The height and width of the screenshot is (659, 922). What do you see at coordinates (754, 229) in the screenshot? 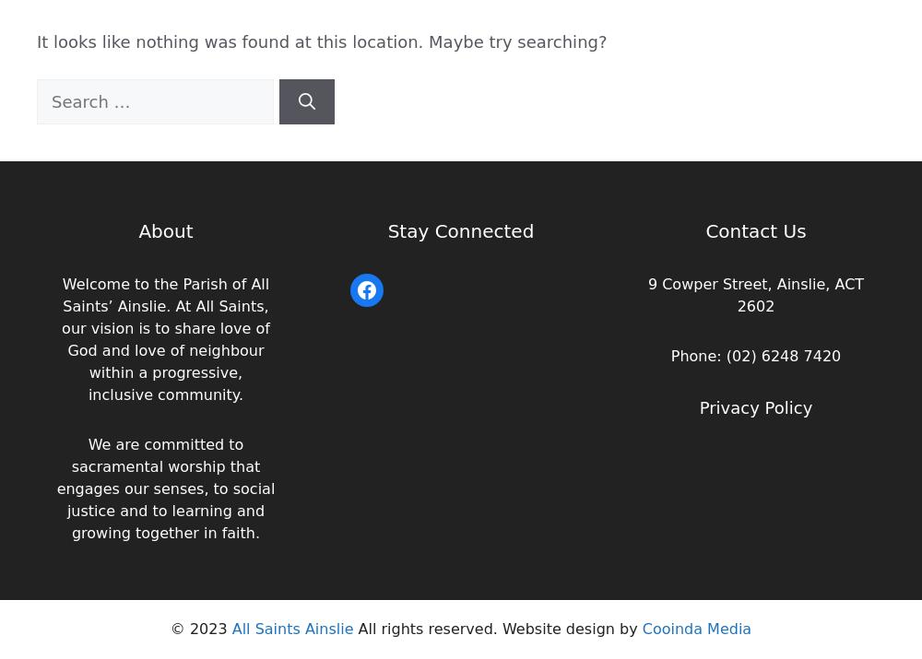
I see `'Contact Us'` at bounding box center [754, 229].